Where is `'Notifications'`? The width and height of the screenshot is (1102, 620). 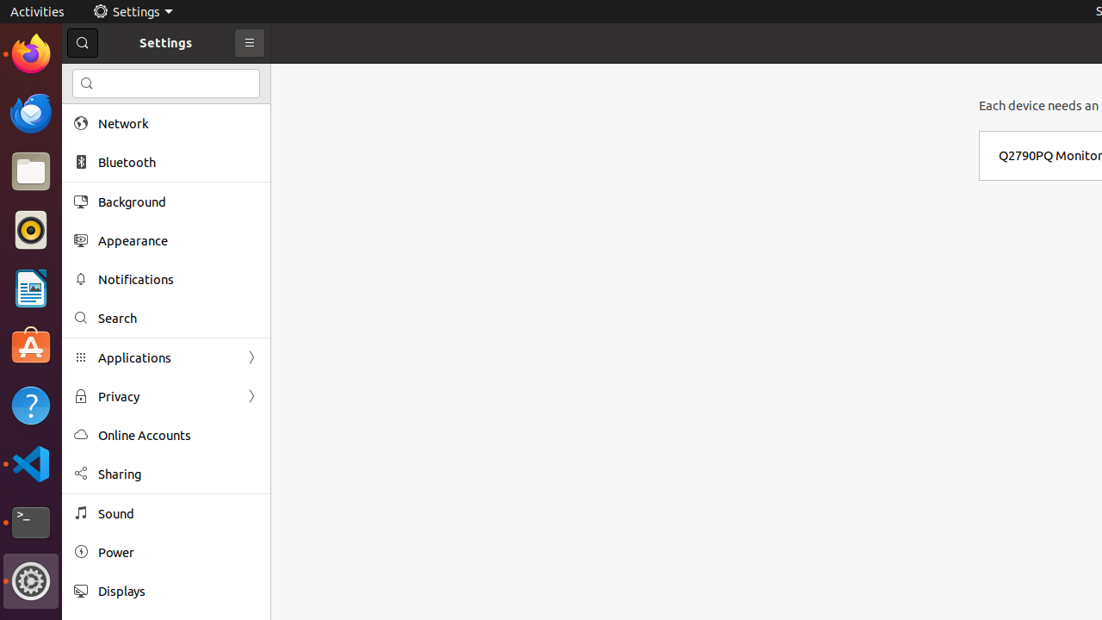
'Notifications' is located at coordinates (177, 278).